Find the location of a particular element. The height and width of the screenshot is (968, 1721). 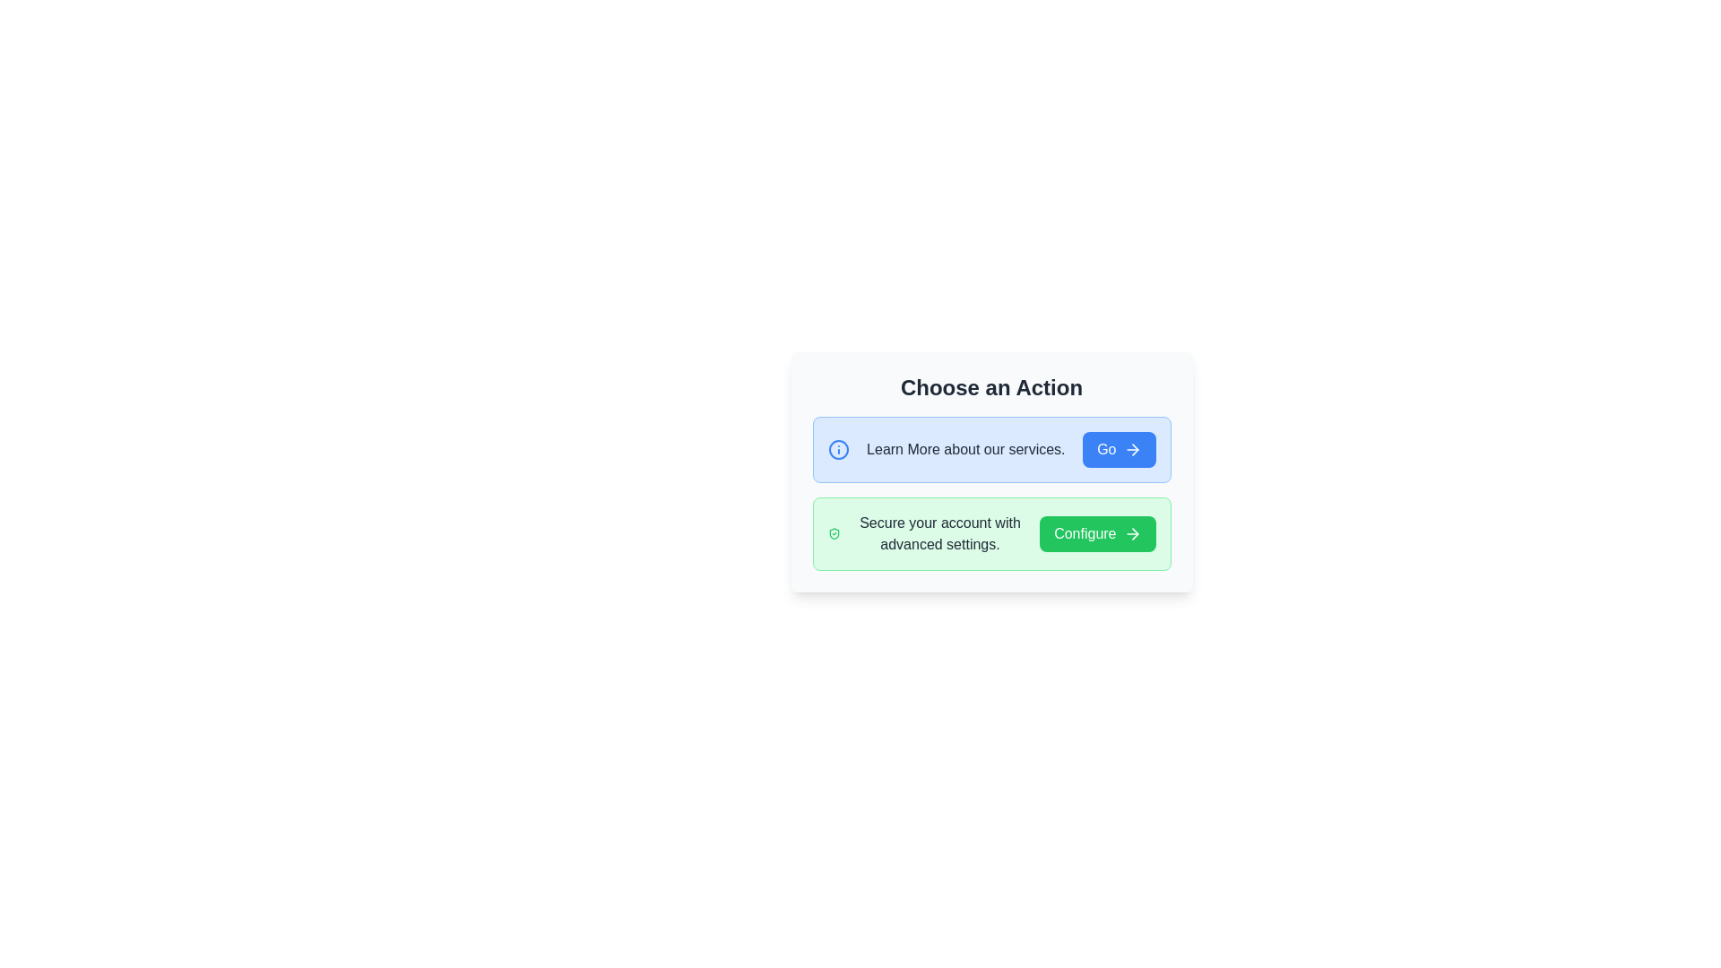

the security indicator icon located at the left edge of the text block labeled 'Secure your account with advanced settings' is located at coordinates (833, 533).